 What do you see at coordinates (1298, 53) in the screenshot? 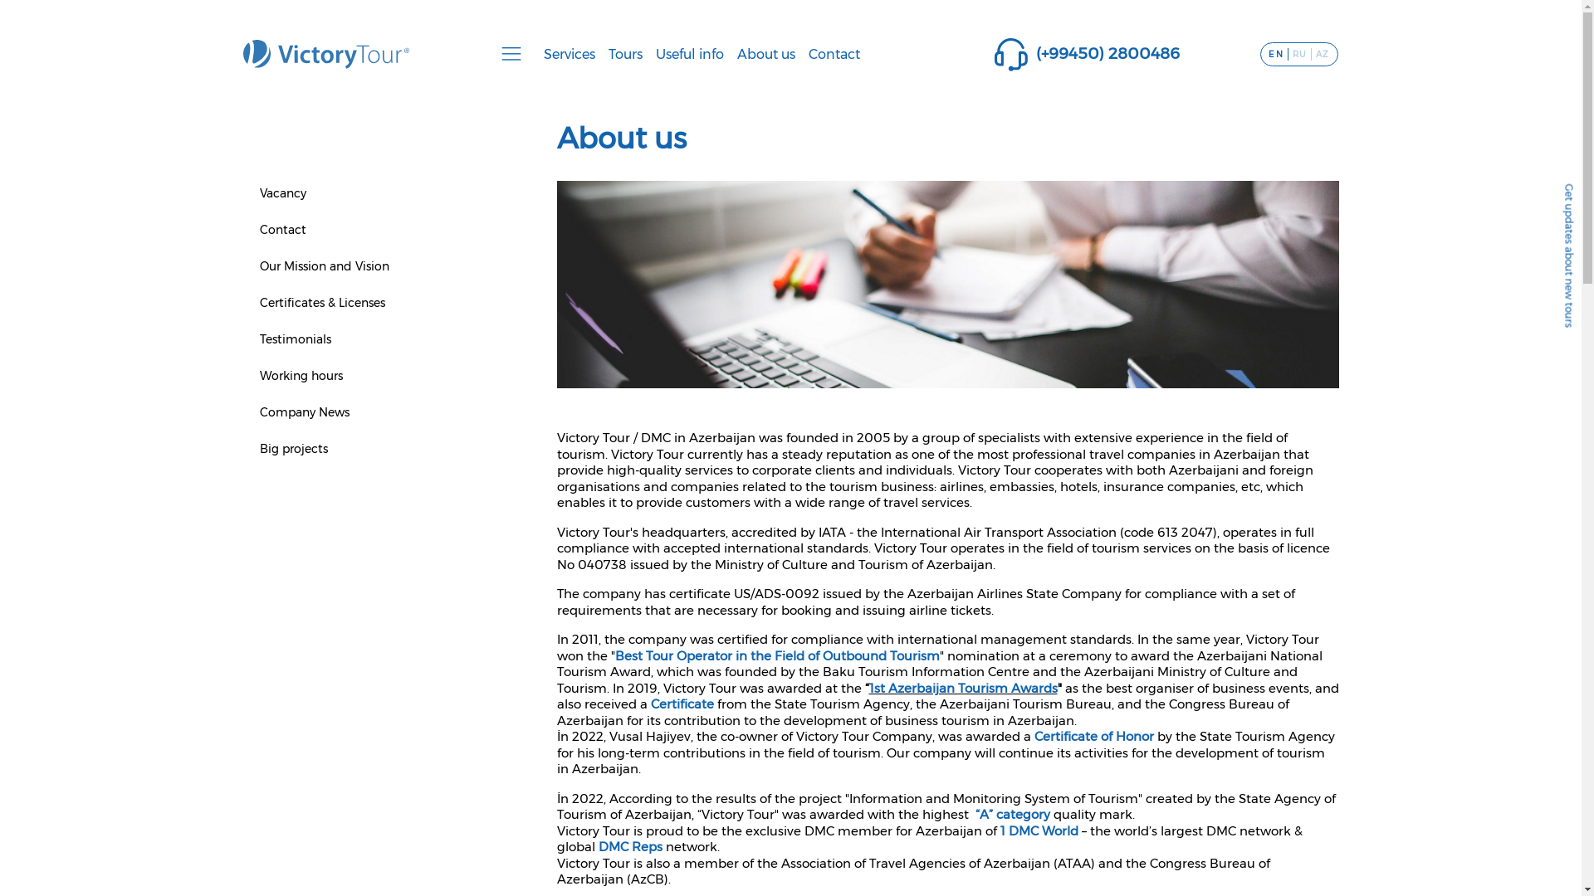
I see `'RU'` at bounding box center [1298, 53].